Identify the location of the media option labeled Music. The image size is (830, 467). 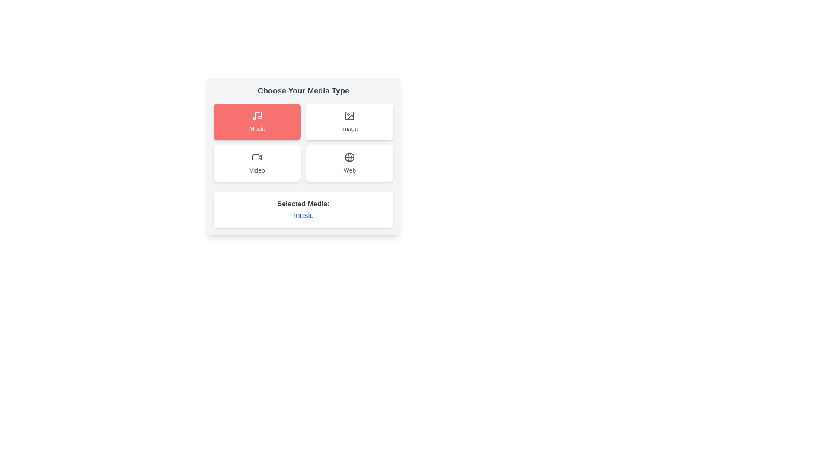
(257, 122).